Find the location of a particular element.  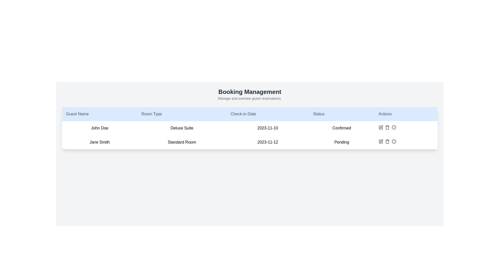

the trash bin icon button in the 'Actions' column of the second row, which highlights the icon in red is located at coordinates (387, 142).